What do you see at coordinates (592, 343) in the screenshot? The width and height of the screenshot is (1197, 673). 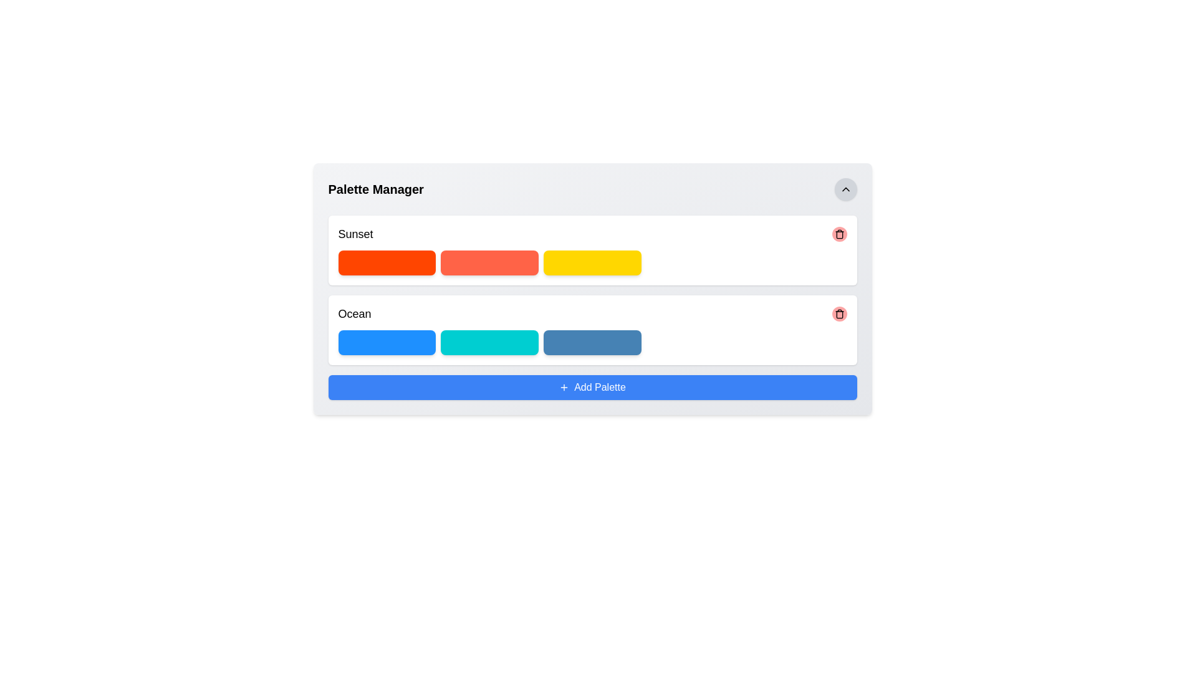 I see `the third color block in the grid layout under the 'Ocean' section, which is styled with a dark blue color` at bounding box center [592, 343].